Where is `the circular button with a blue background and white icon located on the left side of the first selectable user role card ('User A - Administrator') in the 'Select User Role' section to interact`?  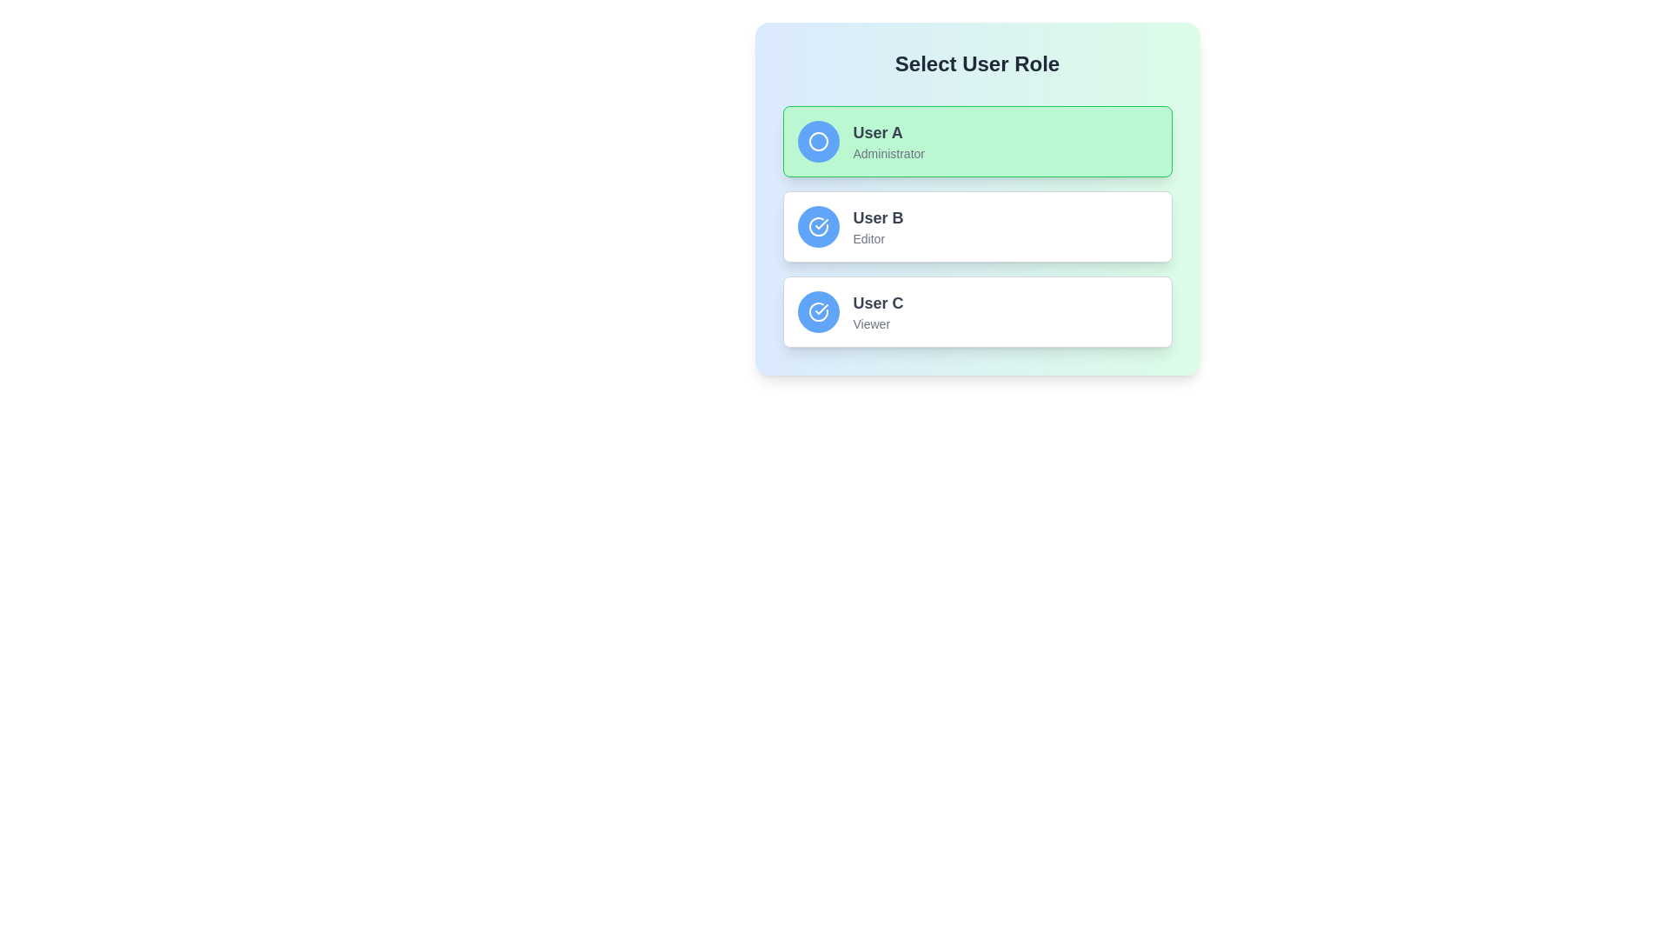
the circular button with a blue background and white icon located on the left side of the first selectable user role card ('User A - Administrator') in the 'Select User Role' section to interact is located at coordinates (817, 140).